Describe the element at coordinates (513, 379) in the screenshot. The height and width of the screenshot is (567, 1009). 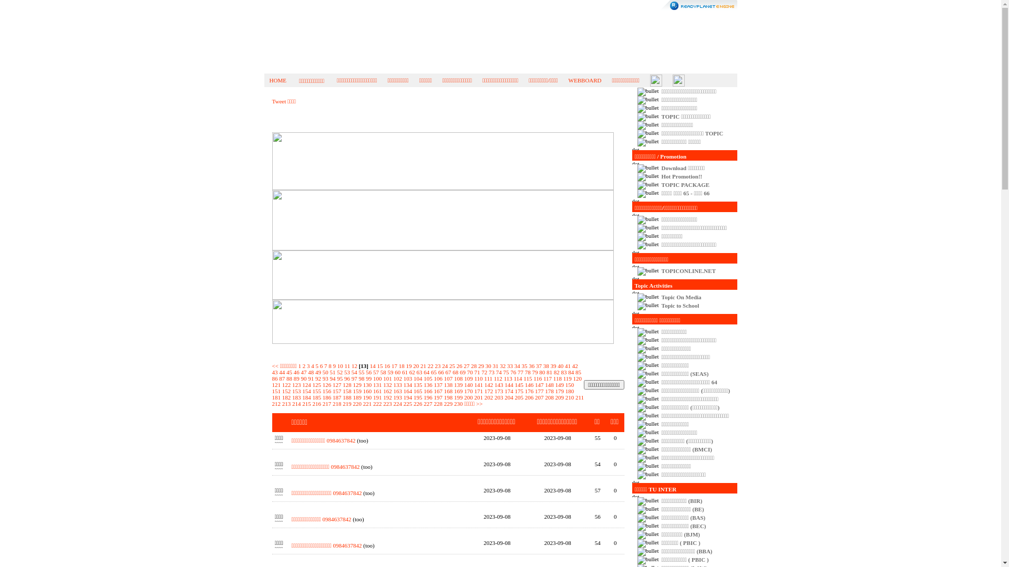
I see `'114'` at that location.